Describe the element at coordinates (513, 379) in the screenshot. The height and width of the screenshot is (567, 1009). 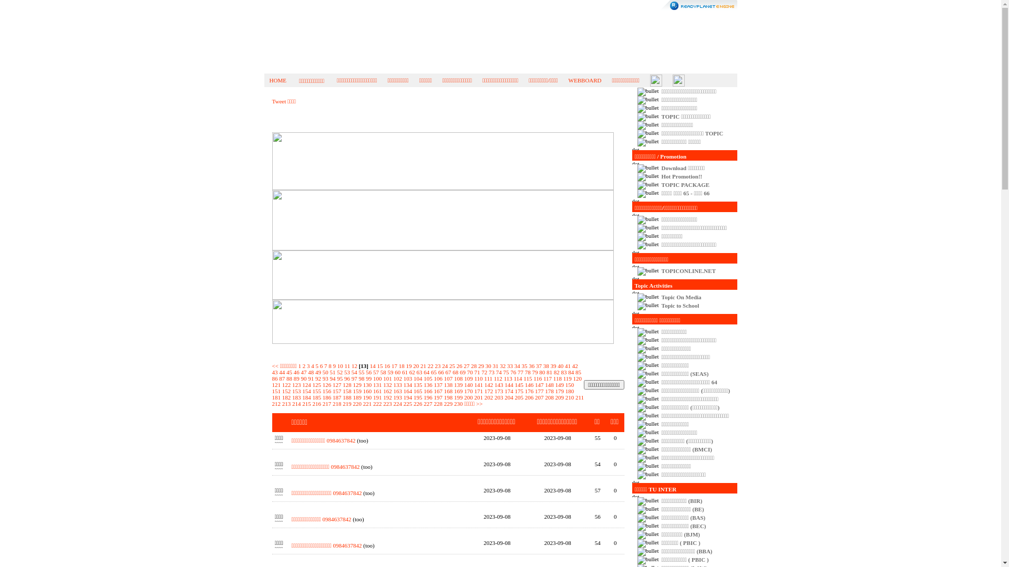
I see `'114'` at that location.